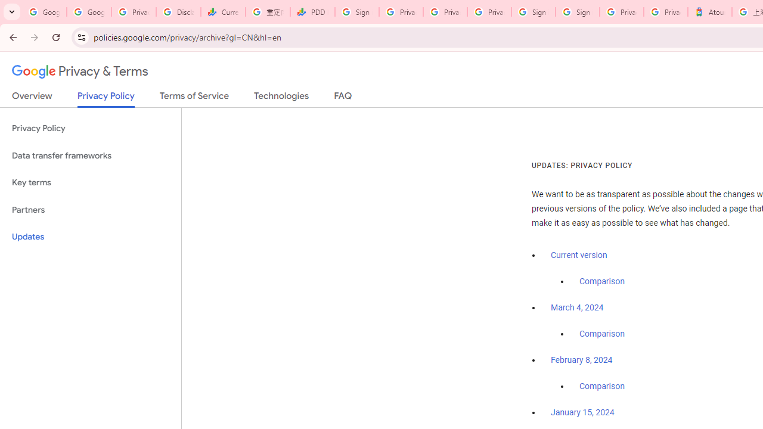 Image resolution: width=763 pixels, height=429 pixels. Describe the element at coordinates (312, 12) in the screenshot. I see `'PDD Holdings Inc - ADR (PDD) Price & News - Google Finance'` at that location.